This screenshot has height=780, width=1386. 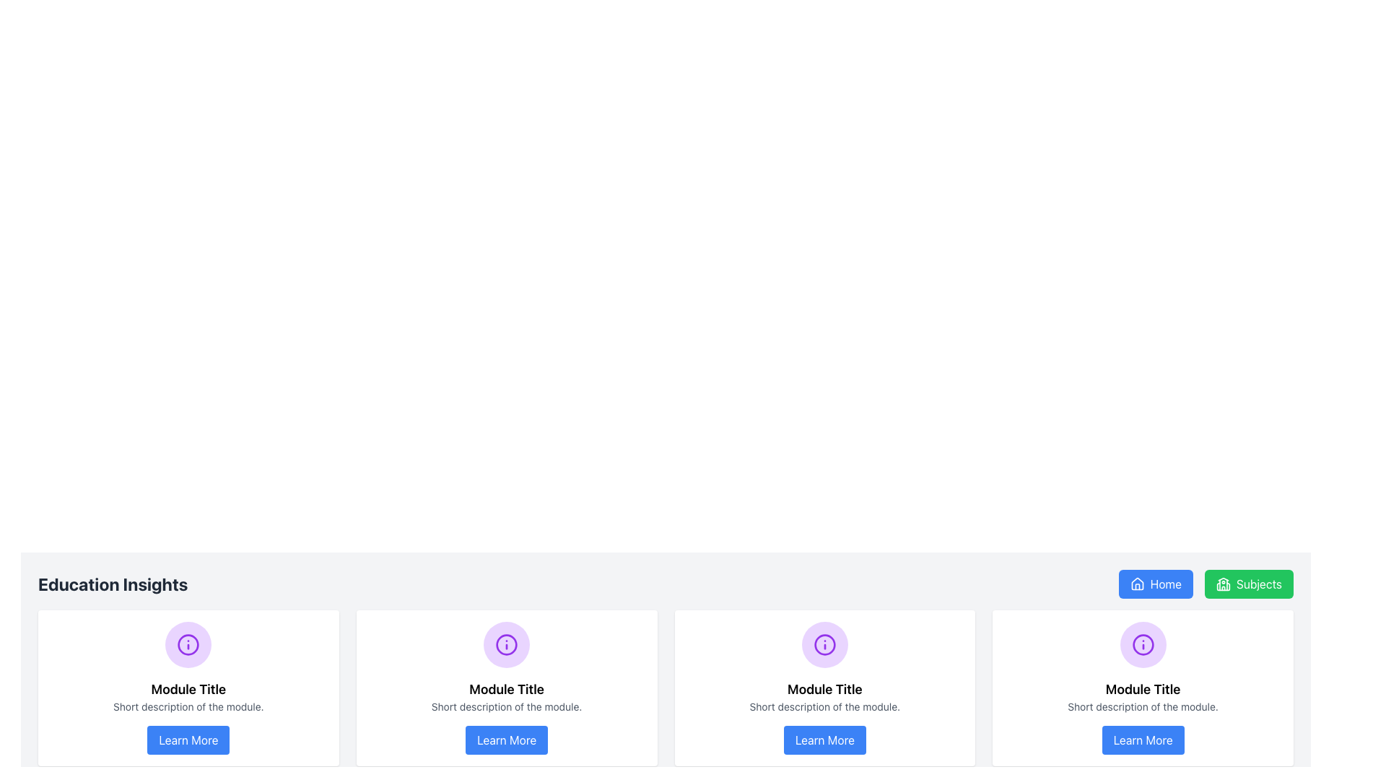 I want to click on the text label located directly underneath the title 'Module Title', which serves as a short descriptive text for the module contents, so click(x=507, y=706).